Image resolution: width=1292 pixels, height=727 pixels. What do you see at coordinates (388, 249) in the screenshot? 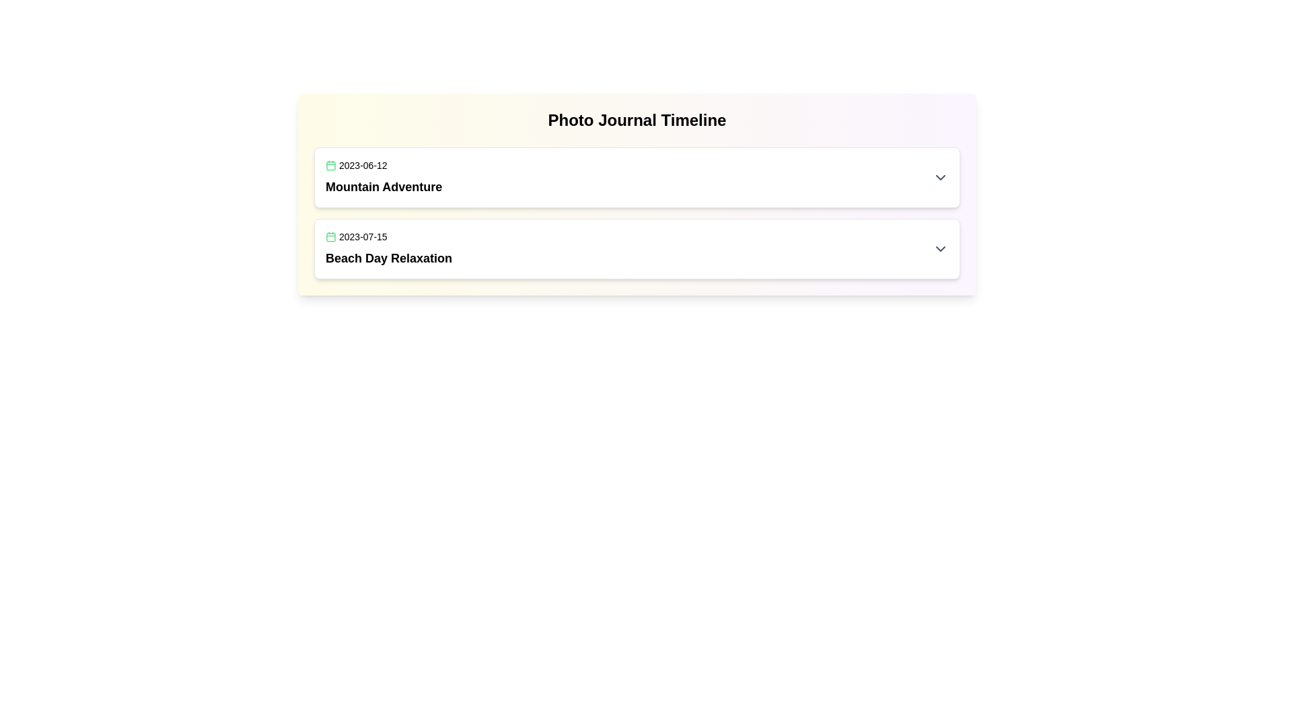
I see `the text label displaying 'Beach Day Relaxation' and the date '2023-07-15', located beneath the 'Mountain Adventure' entry in the 'Photo Journal Timeline'` at bounding box center [388, 249].